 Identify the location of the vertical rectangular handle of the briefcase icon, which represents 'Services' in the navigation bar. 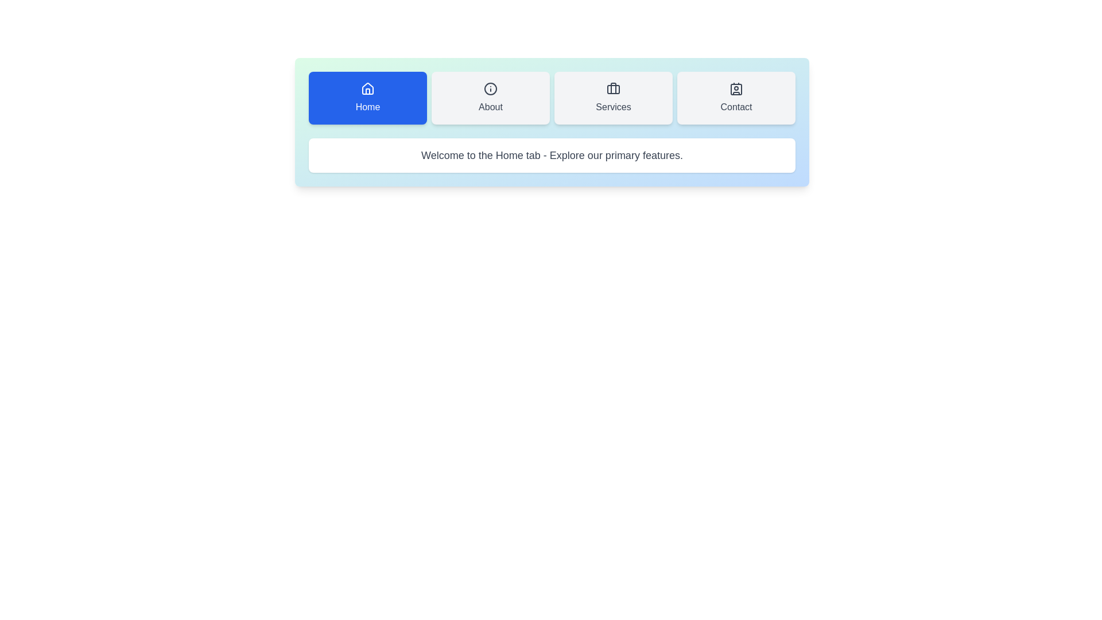
(613, 88).